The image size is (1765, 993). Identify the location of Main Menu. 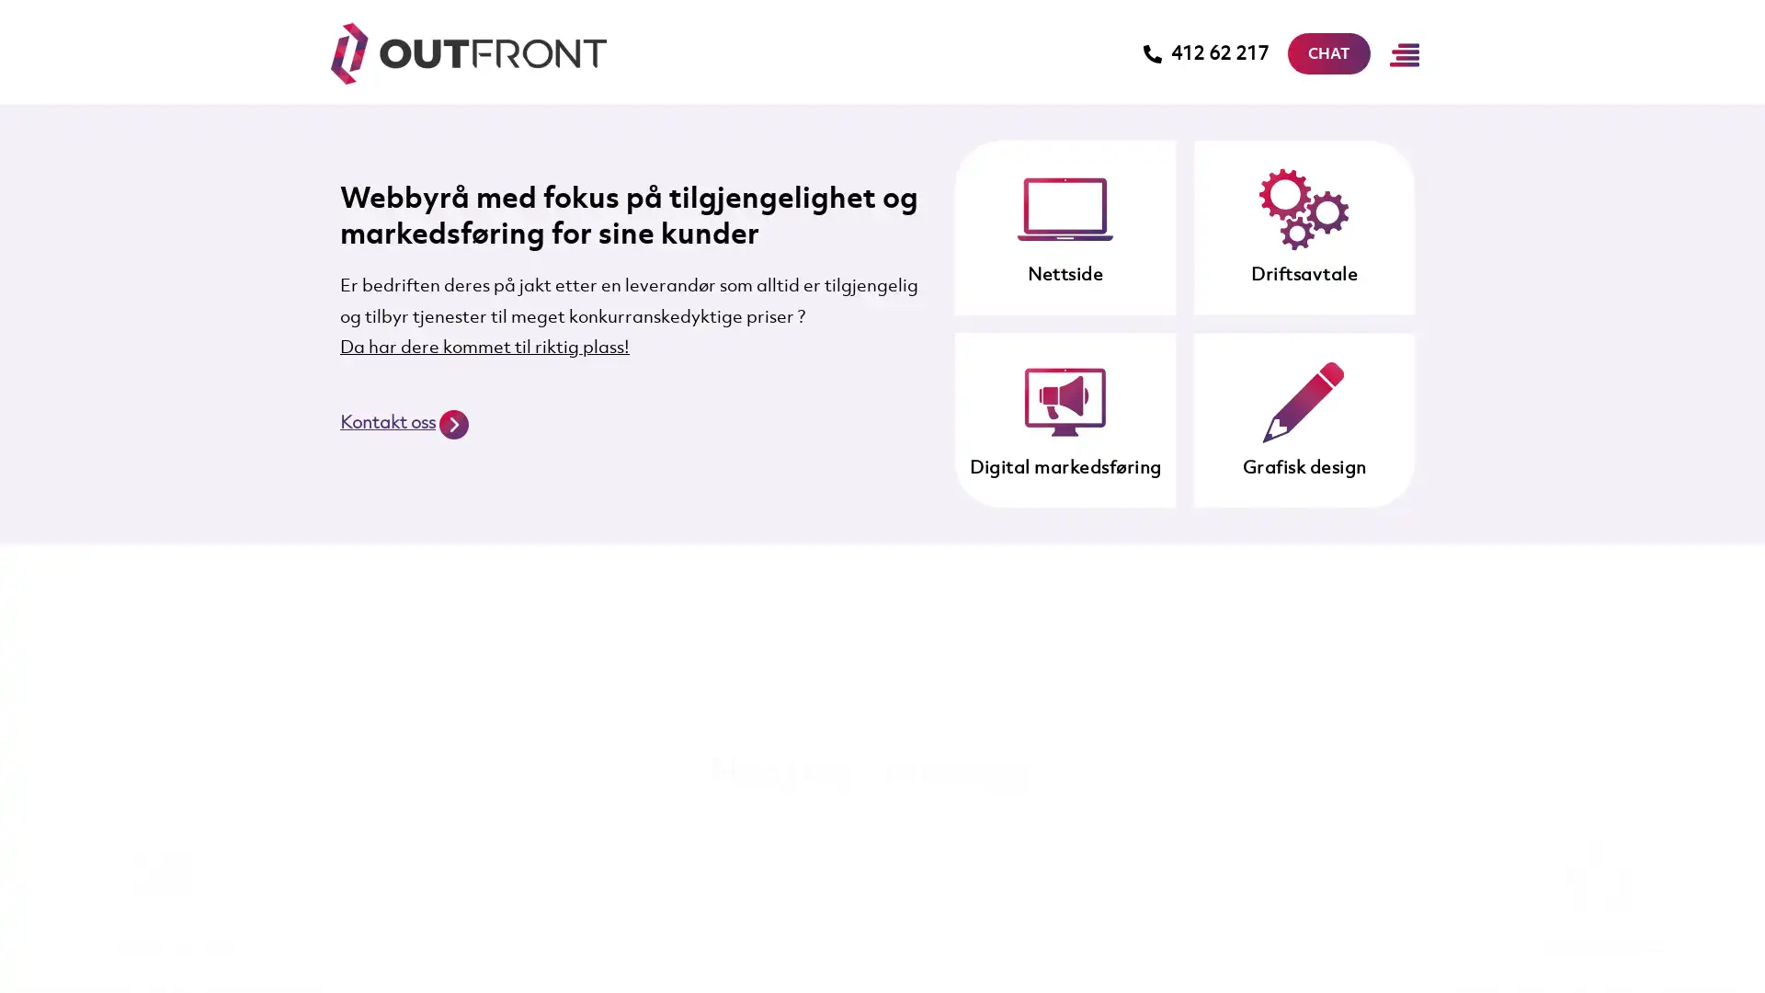
(1410, 61).